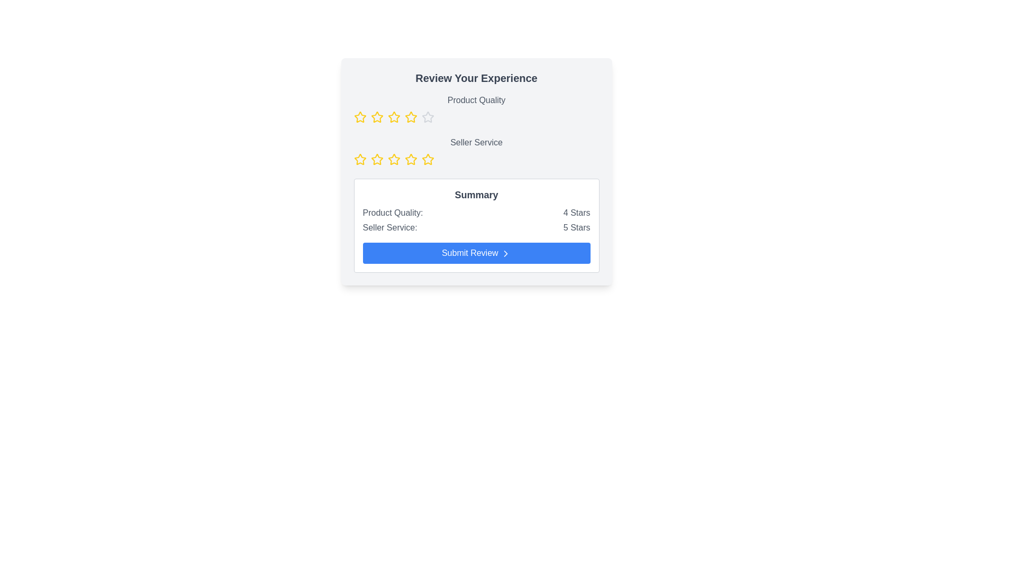 This screenshot has height=571, width=1016. I want to click on the star icon in the 'Seller Service' rating component to provide a rating, so click(476, 151).